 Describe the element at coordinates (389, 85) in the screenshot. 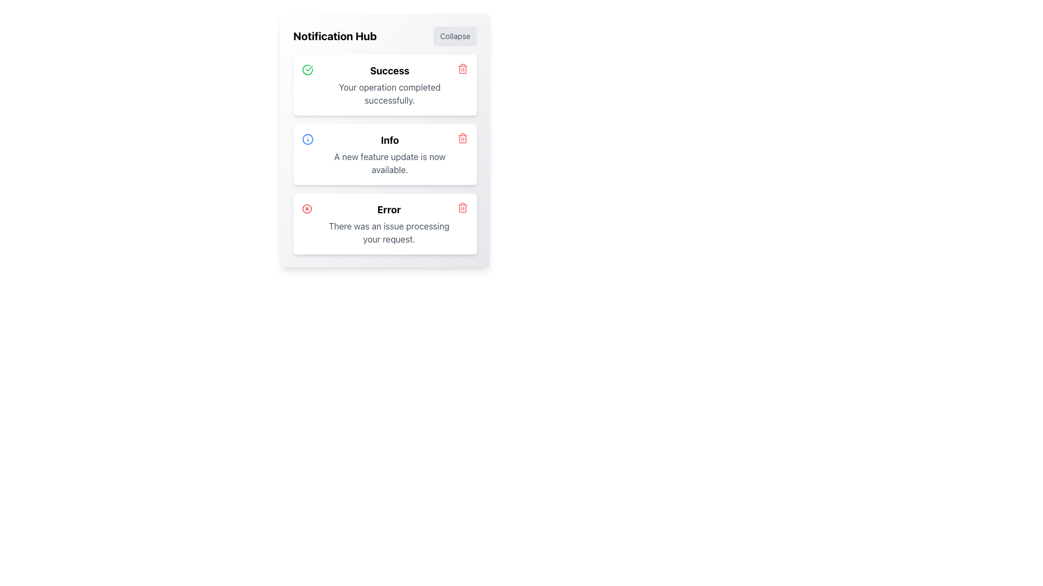

I see `message displayed in the Notification Card Text which says 'Success' and 'Your operation completed successfully.'` at that location.